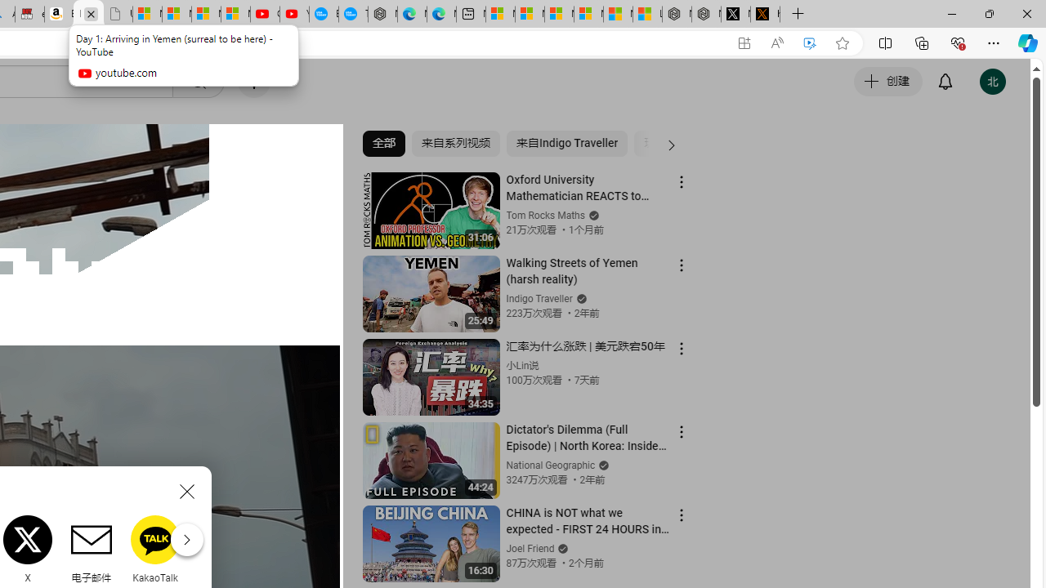 The image size is (1046, 588). Describe the element at coordinates (743, 42) in the screenshot. I see `'App available. Install YouTube'` at that location.